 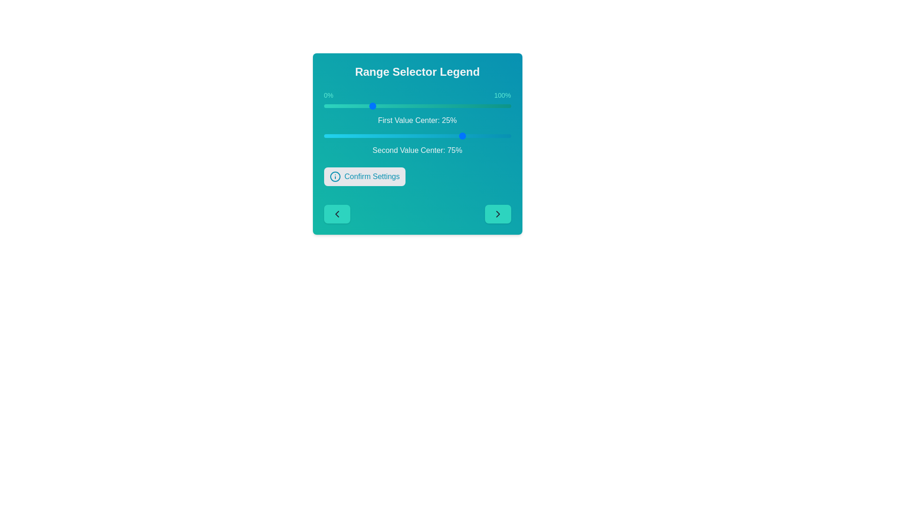 I want to click on the circular background element of the information indicator icon, which features a distinctive outer ring and a filled inner circle, located to the left of the 'Confirm Settings' button, so click(x=335, y=177).